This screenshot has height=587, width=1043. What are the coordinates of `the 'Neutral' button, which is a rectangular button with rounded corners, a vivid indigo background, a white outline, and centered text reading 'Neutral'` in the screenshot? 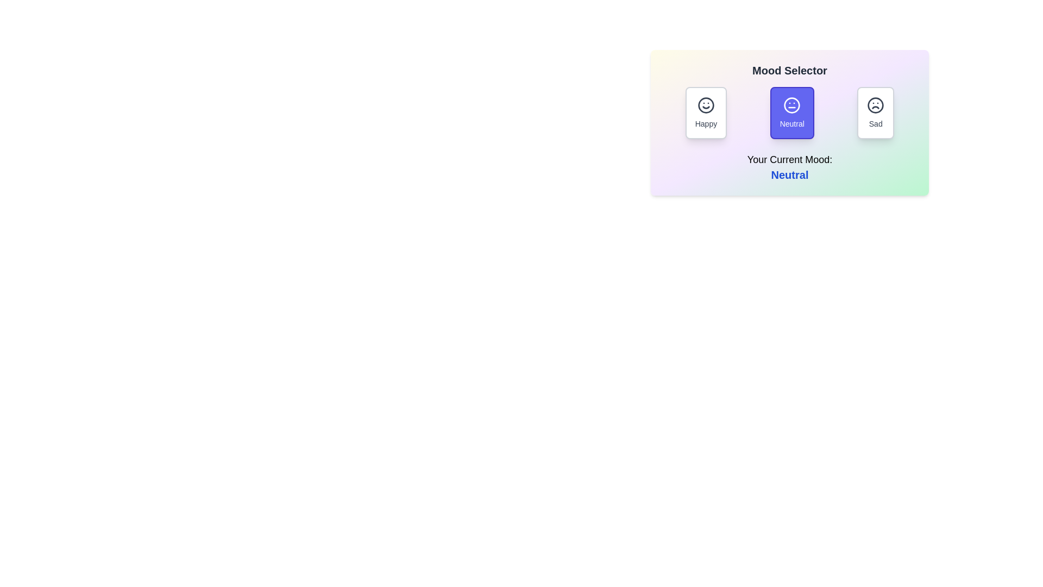 It's located at (792, 113).